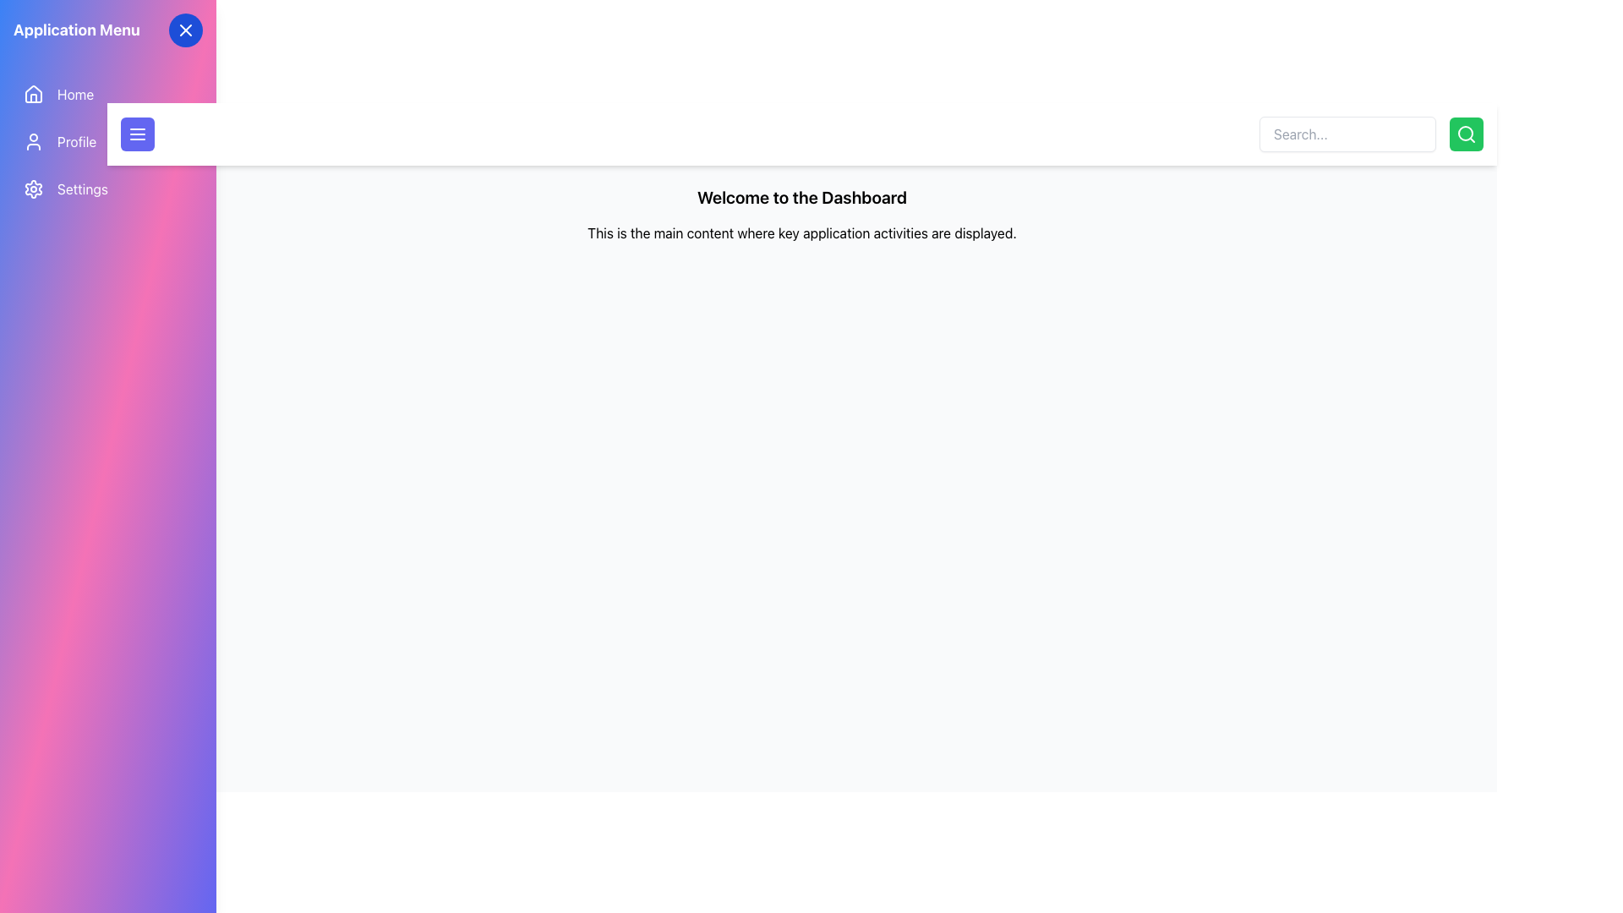 This screenshot has width=1623, height=913. I want to click on the bold text label displaying 'Application Menu' located at the upper left side of the interface, so click(76, 30).